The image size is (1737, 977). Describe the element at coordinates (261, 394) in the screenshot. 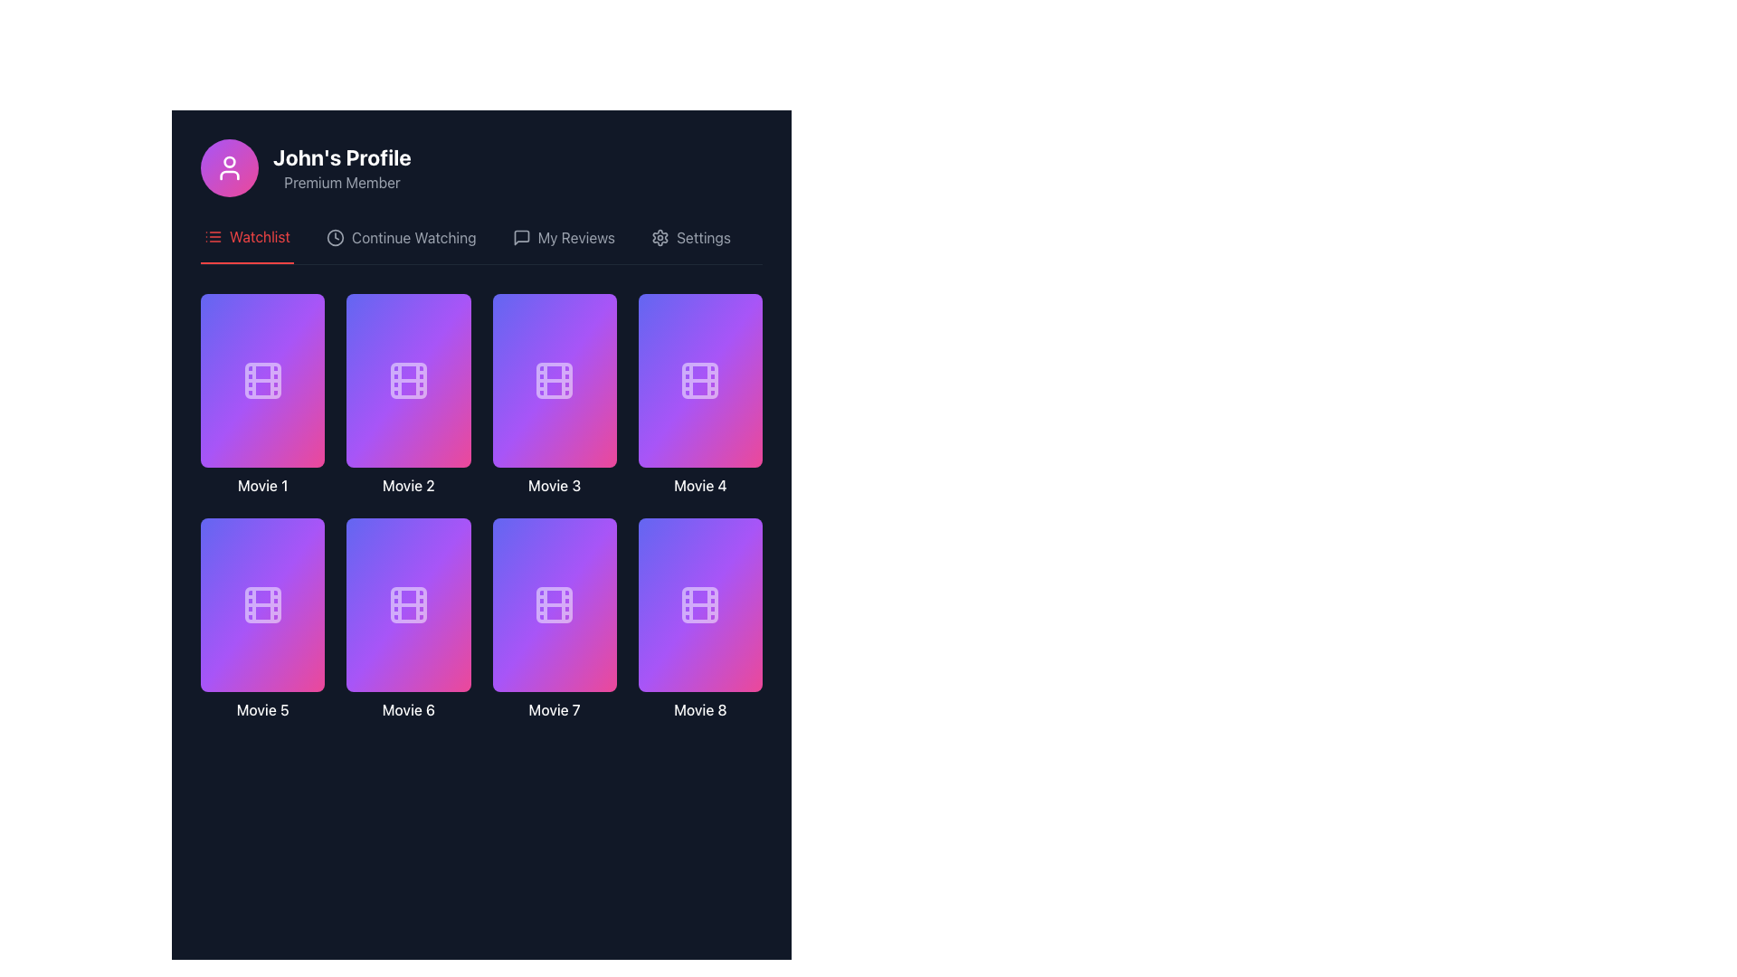

I see `the Movie Tile located in the first row and first column of the grid layout, which represents a movie or video content` at that location.